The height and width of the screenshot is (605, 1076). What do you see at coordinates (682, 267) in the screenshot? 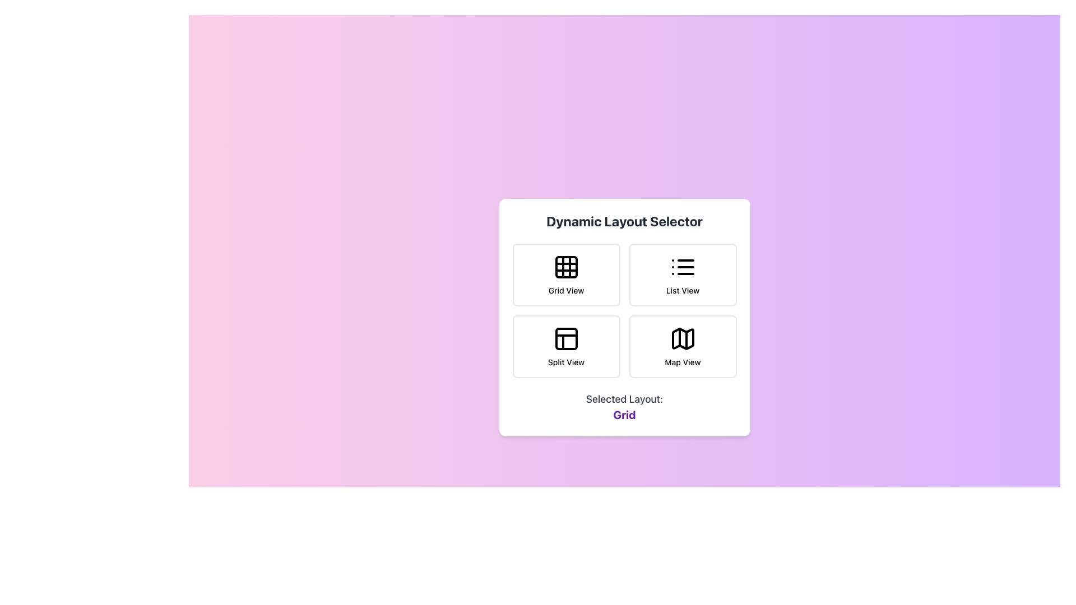
I see `the list view icon, which is a minimalistic icon with three horizontal lines resembling a bullet list, located in the second position of the top row in the Dynamic Layout Selector dialog` at bounding box center [682, 267].